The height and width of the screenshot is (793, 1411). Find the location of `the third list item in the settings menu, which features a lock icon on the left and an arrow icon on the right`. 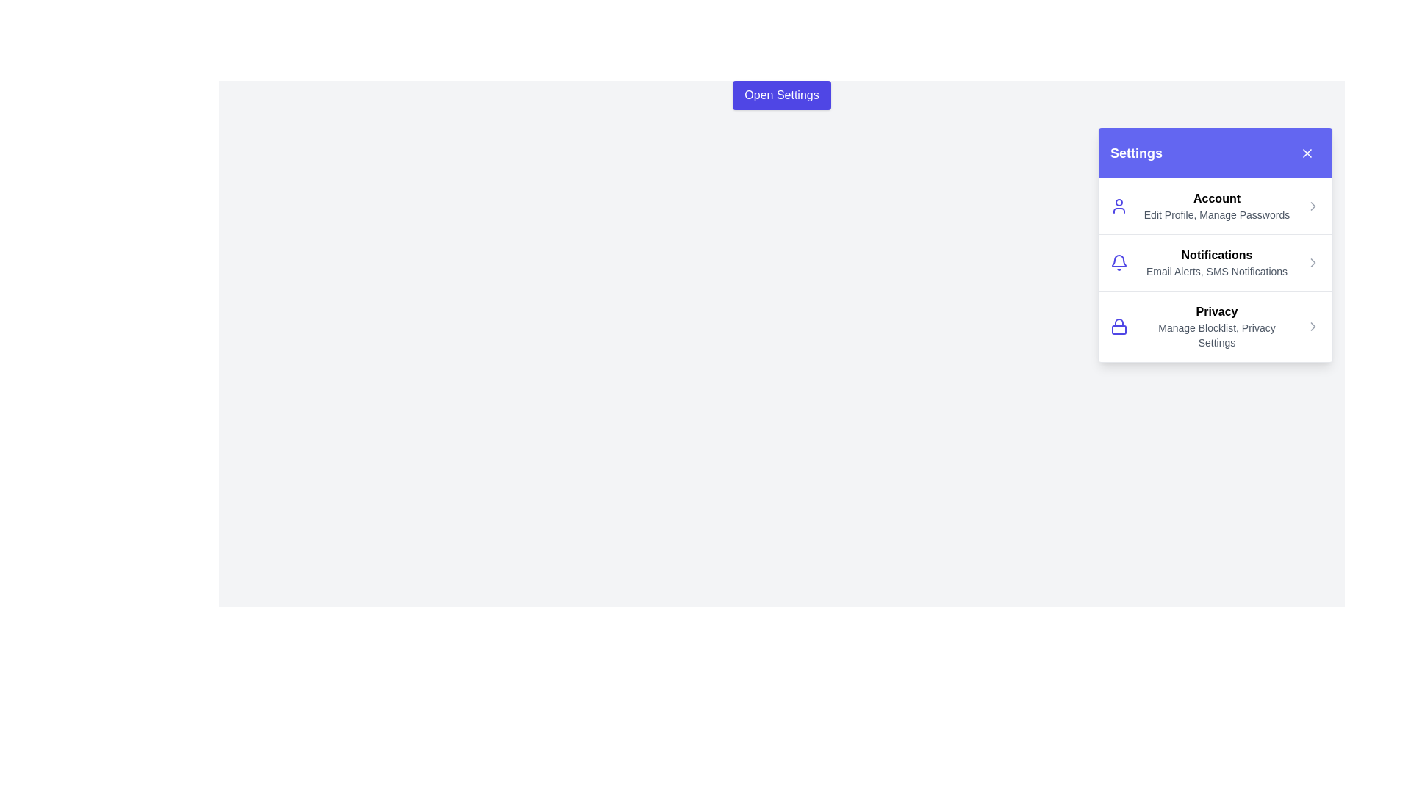

the third list item in the settings menu, which features a lock icon on the left and an arrow icon on the right is located at coordinates (1216, 325).